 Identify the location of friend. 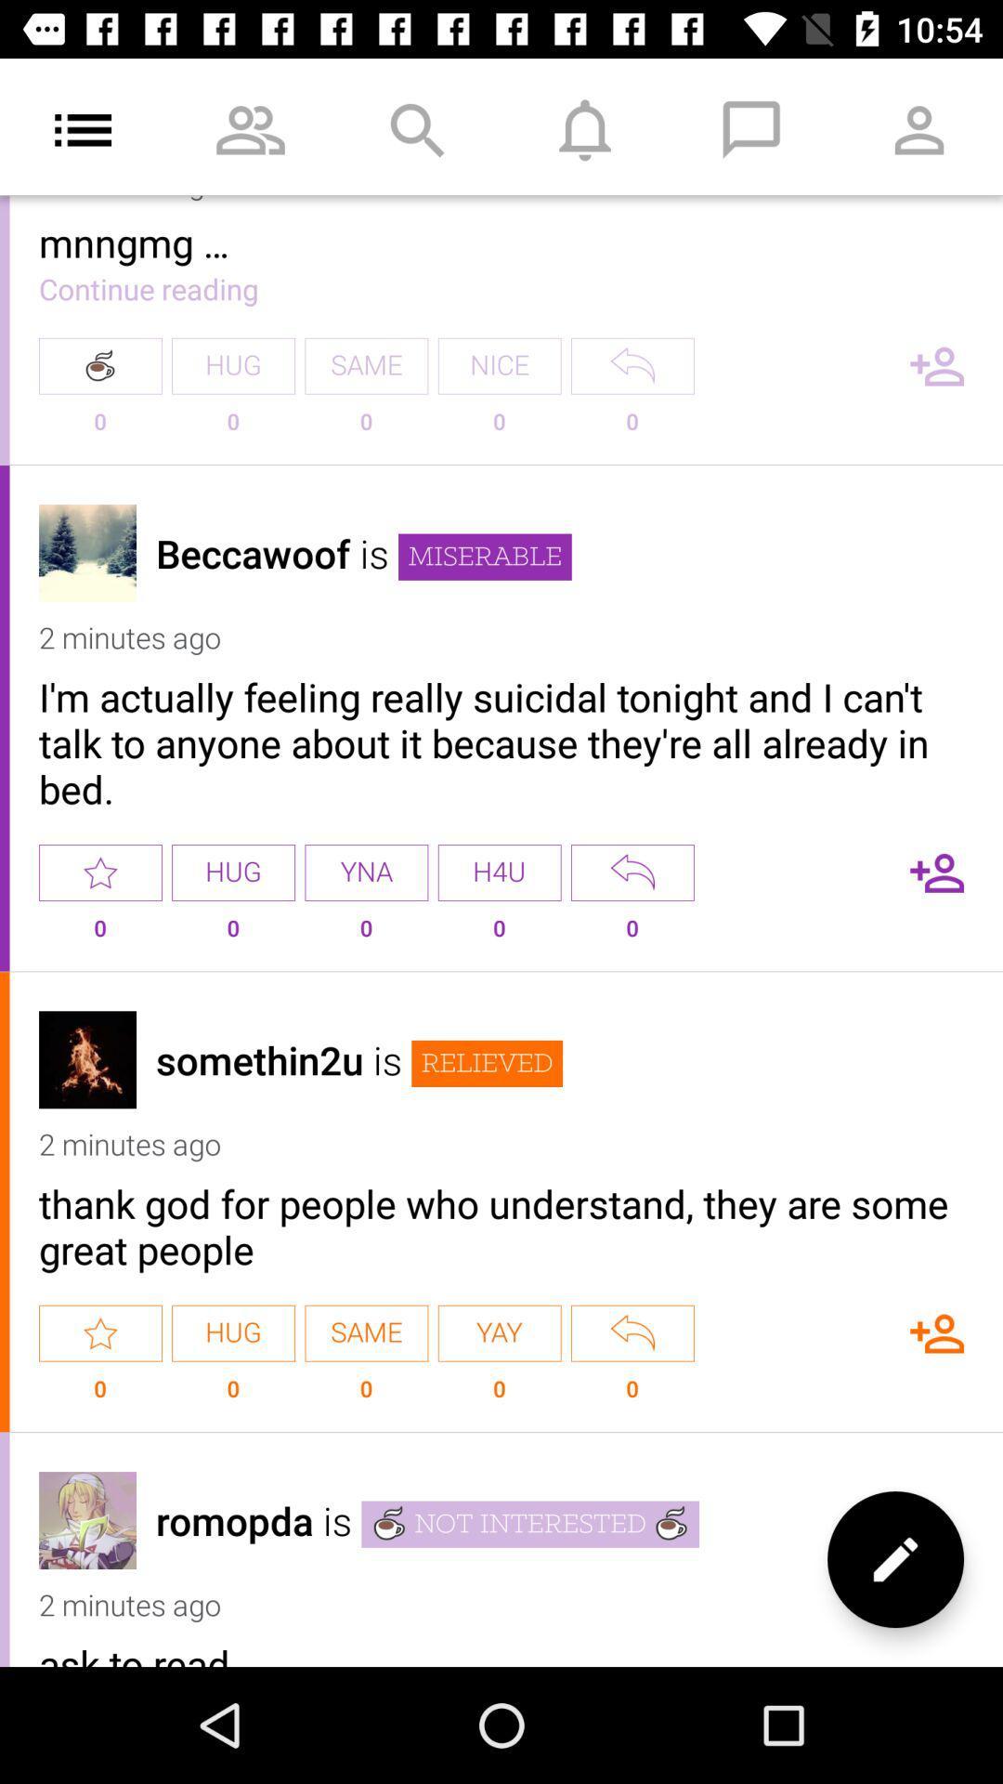
(937, 872).